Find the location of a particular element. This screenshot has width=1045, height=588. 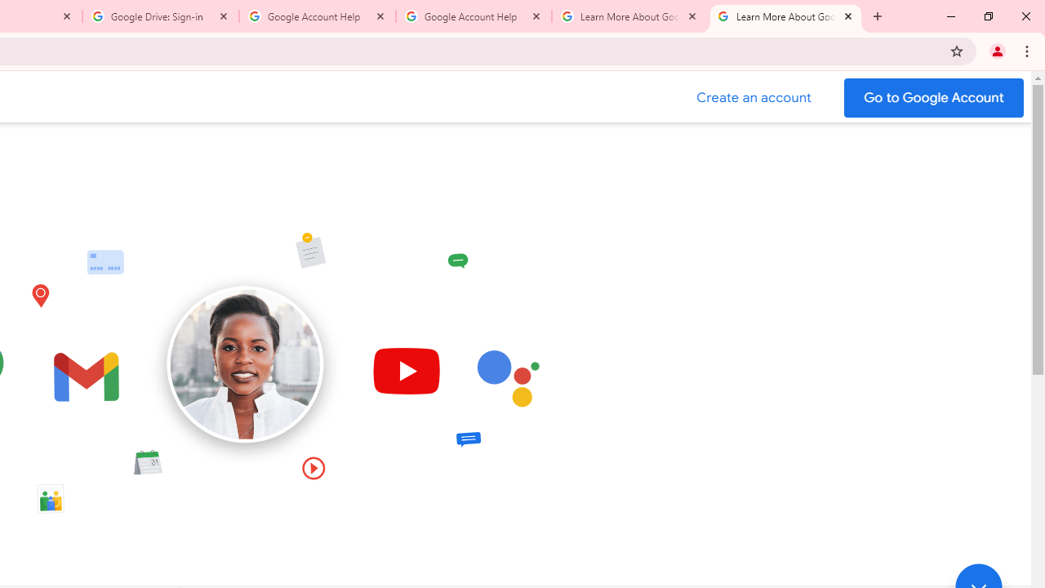

'Google Drive: Sign-in' is located at coordinates (161, 16).